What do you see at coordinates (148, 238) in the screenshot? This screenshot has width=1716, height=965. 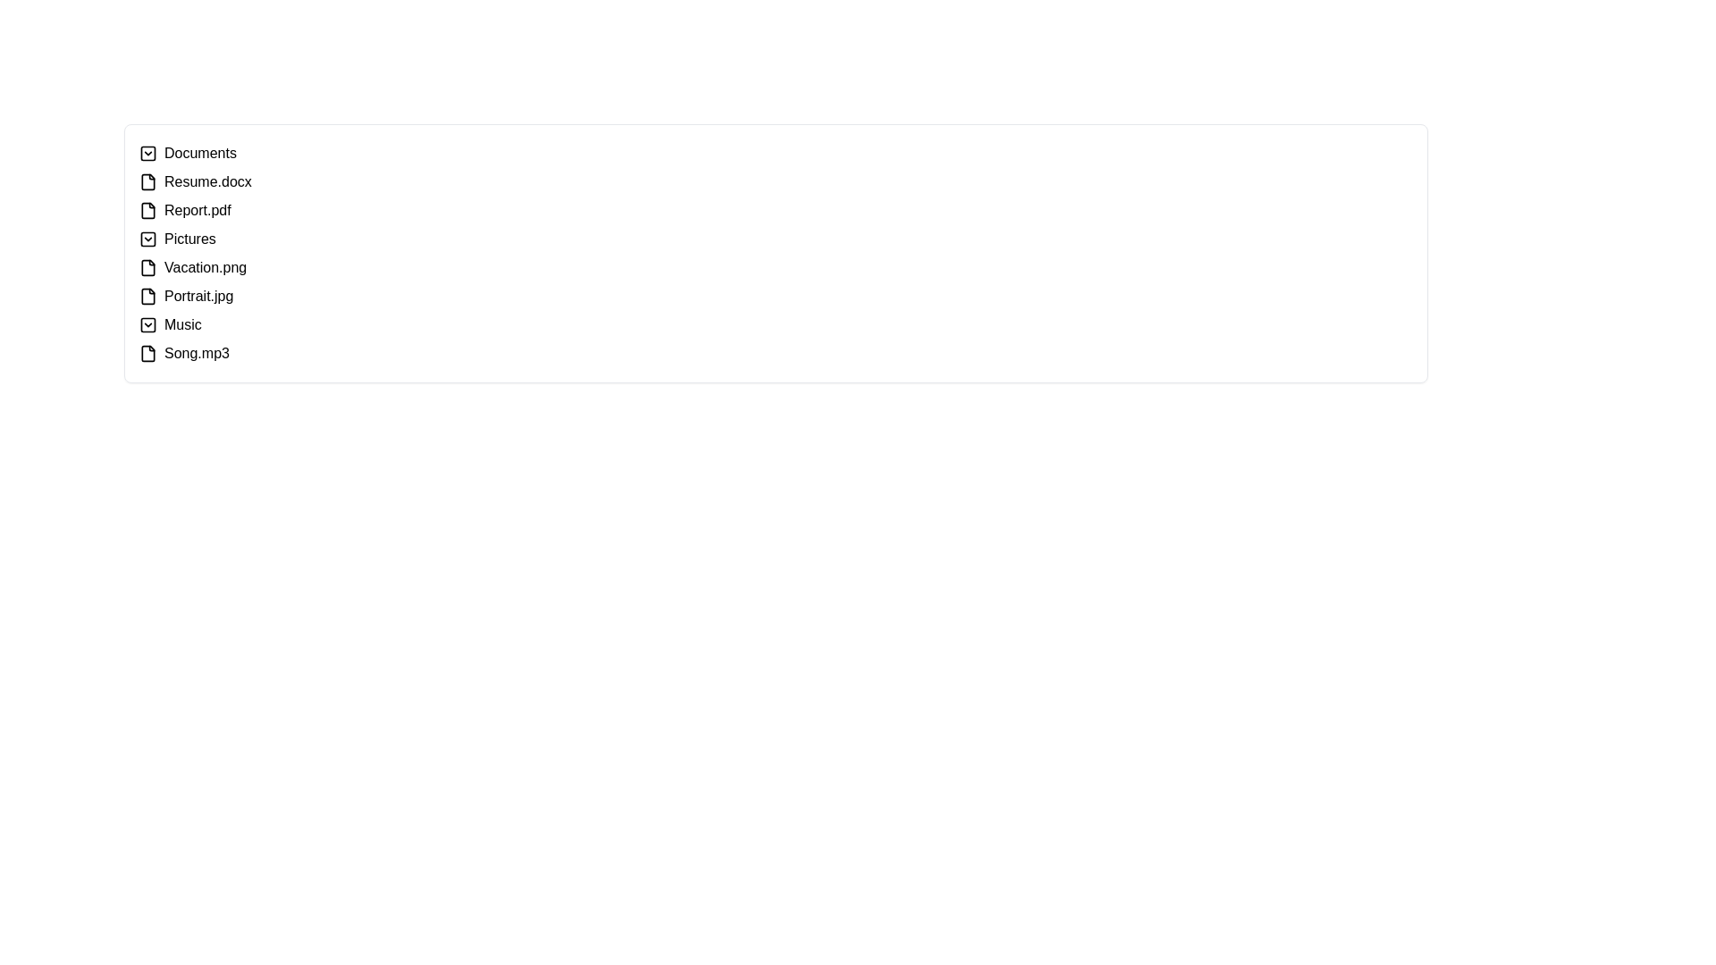 I see `the downward-facing chevron icon within the 'Pictures' file list item, which is positioned to the left of the label 'Pictures'` at bounding box center [148, 238].